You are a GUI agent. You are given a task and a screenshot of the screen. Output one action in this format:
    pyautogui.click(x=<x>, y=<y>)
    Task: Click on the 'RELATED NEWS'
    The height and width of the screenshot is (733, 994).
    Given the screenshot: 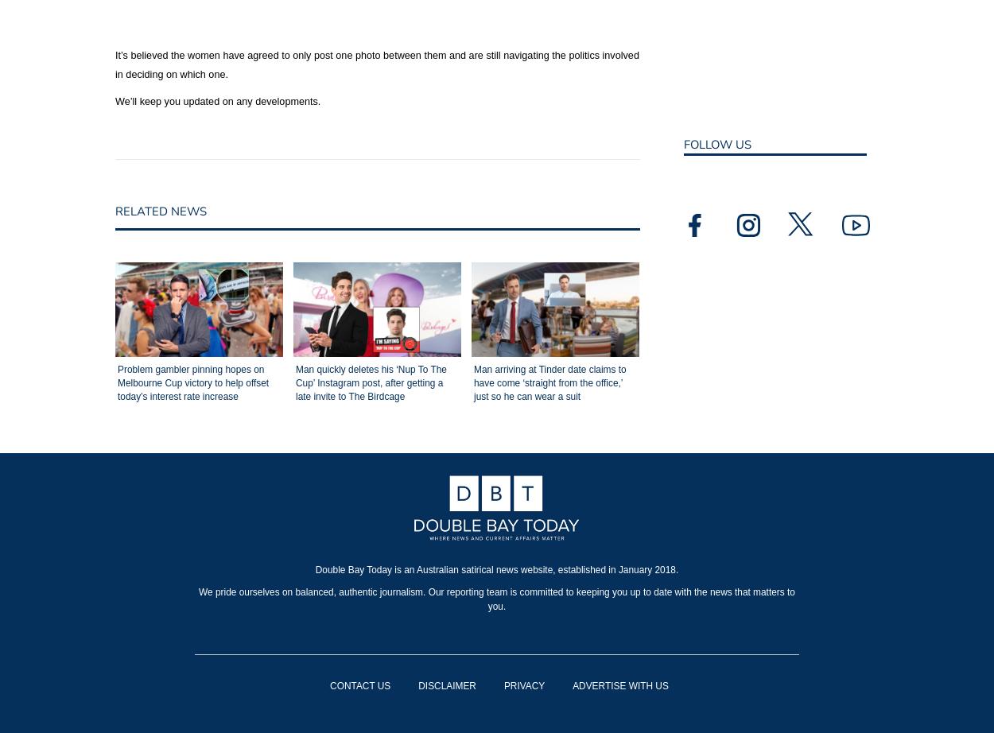 What is the action you would take?
    pyautogui.click(x=160, y=210)
    